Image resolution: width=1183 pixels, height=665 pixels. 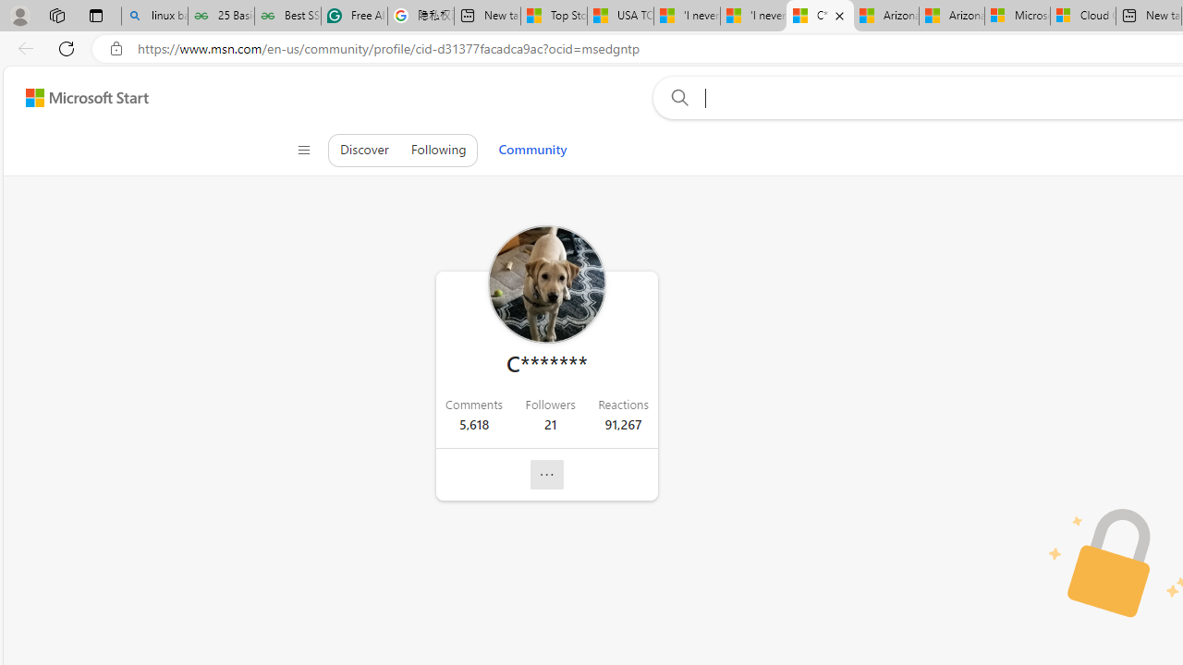 I want to click on 'linux basic - Search', so click(x=154, y=16).